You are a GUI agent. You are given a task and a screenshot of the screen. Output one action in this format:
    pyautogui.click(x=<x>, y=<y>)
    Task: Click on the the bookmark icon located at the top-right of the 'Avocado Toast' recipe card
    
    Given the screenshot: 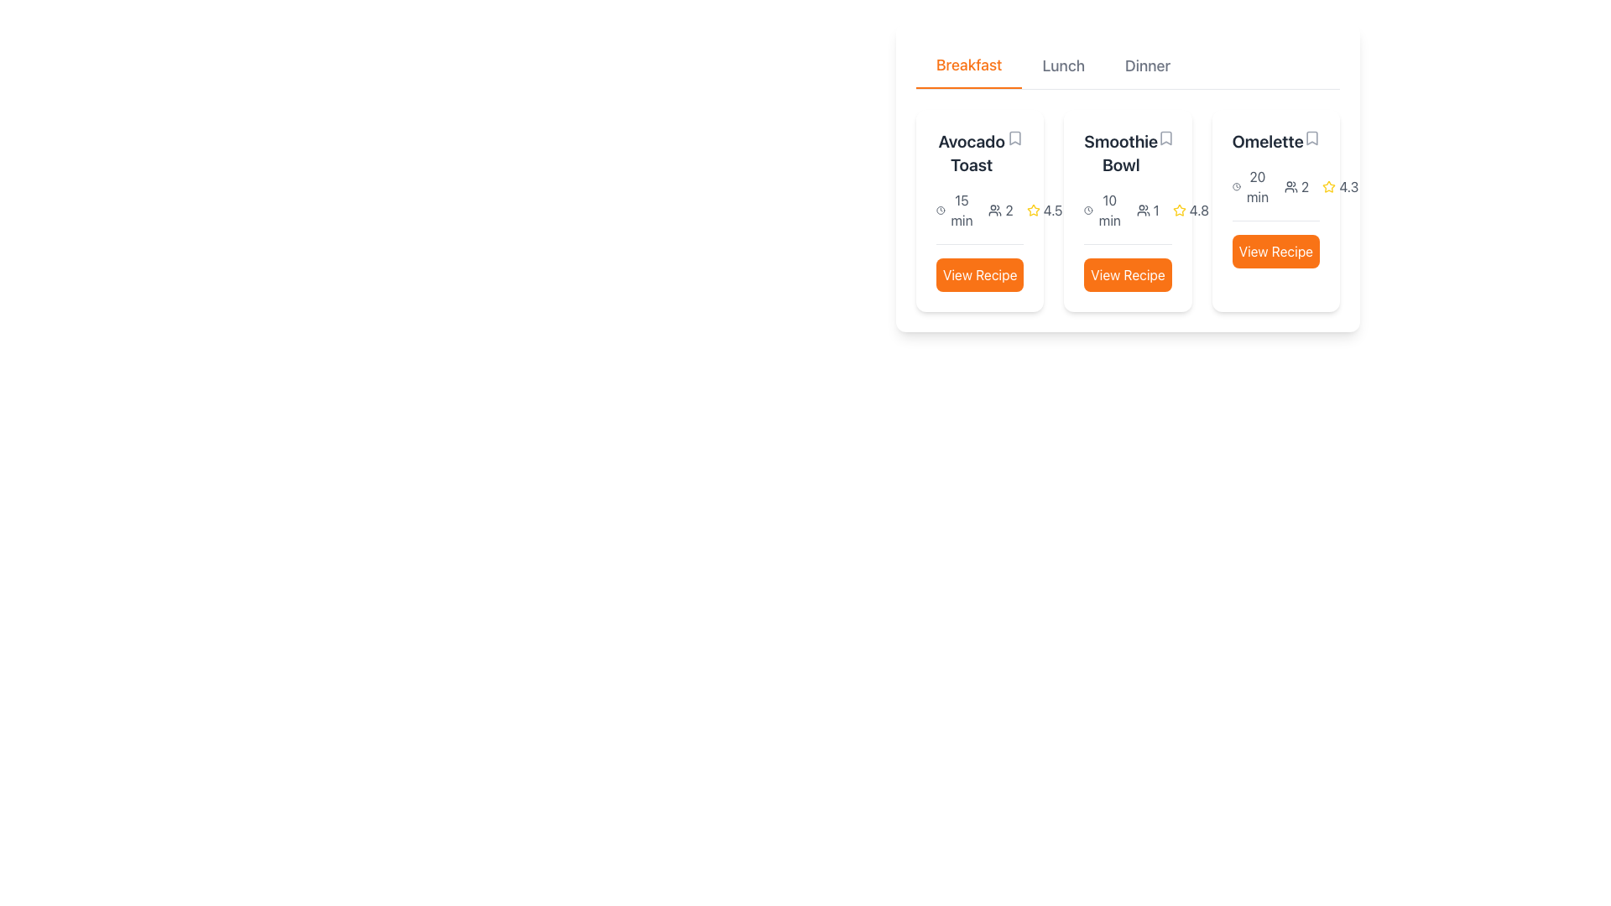 What is the action you would take?
    pyautogui.click(x=1014, y=138)
    